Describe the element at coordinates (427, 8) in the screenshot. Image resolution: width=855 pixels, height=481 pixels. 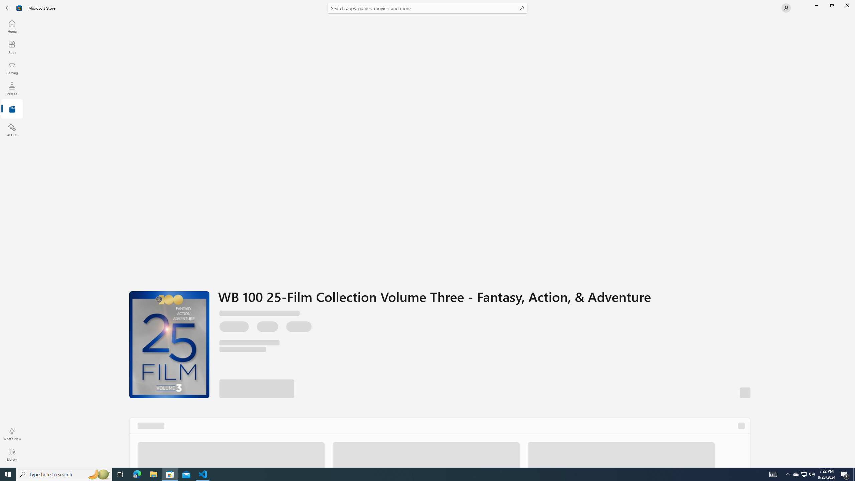
I see `'Search'` at that location.